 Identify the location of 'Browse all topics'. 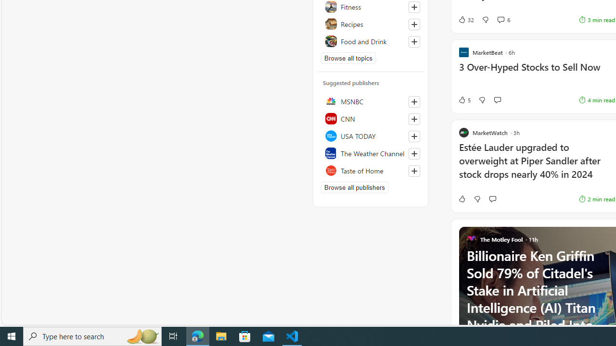
(348, 58).